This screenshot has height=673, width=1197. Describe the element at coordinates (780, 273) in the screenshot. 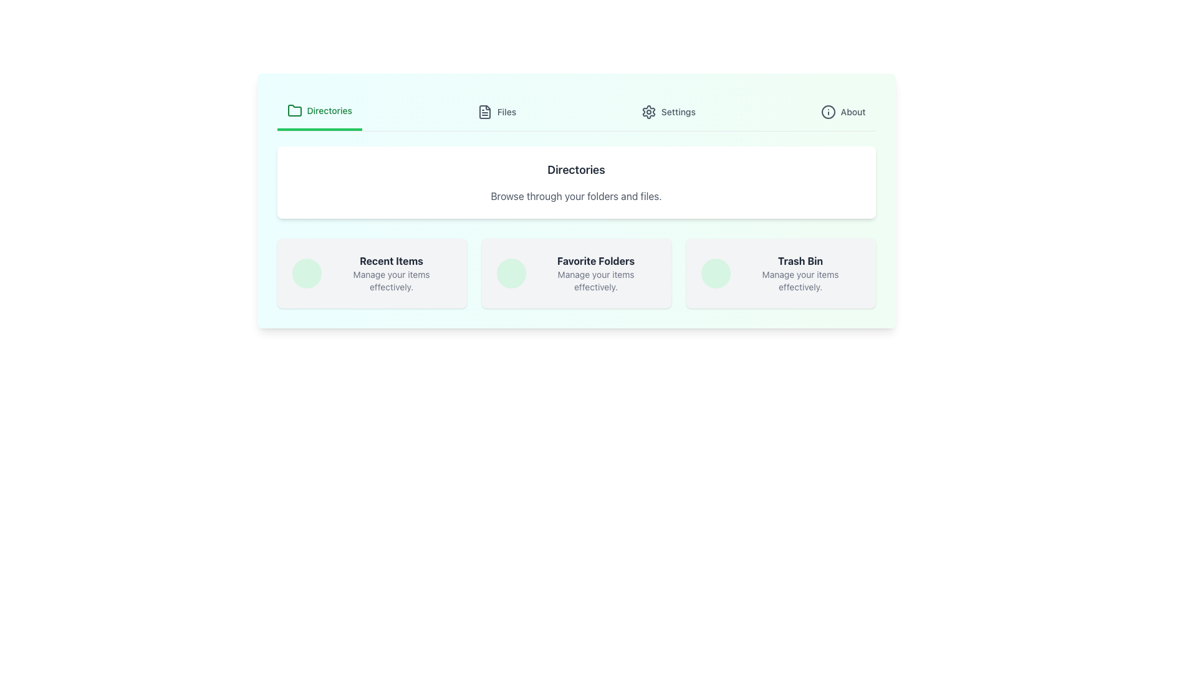

I see `the Interactive Card for managing items categorized under 'Trash Bin', which is the last card in a row of three cards situated to the far right` at that location.